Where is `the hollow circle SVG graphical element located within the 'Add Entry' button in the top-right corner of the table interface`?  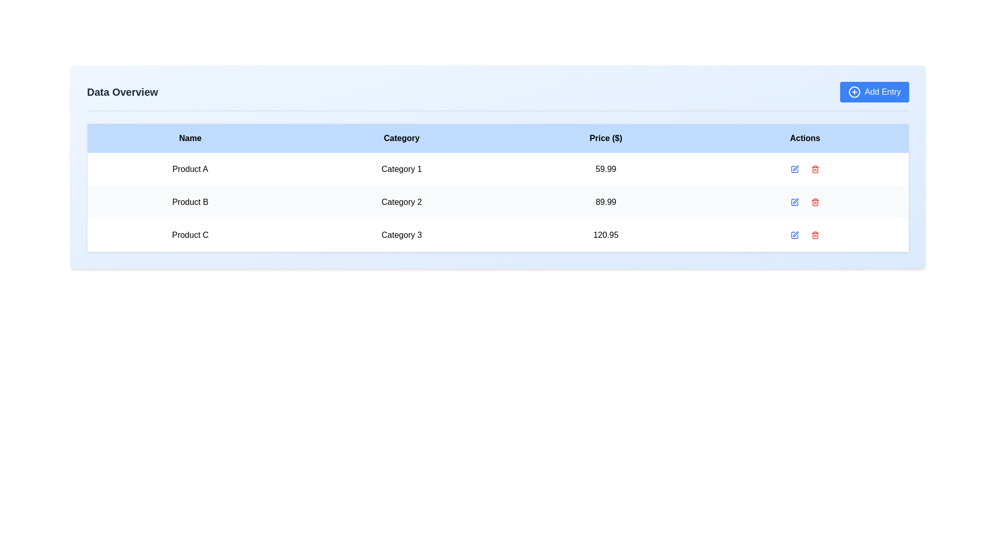 the hollow circle SVG graphical element located within the 'Add Entry' button in the top-right corner of the table interface is located at coordinates (854, 91).